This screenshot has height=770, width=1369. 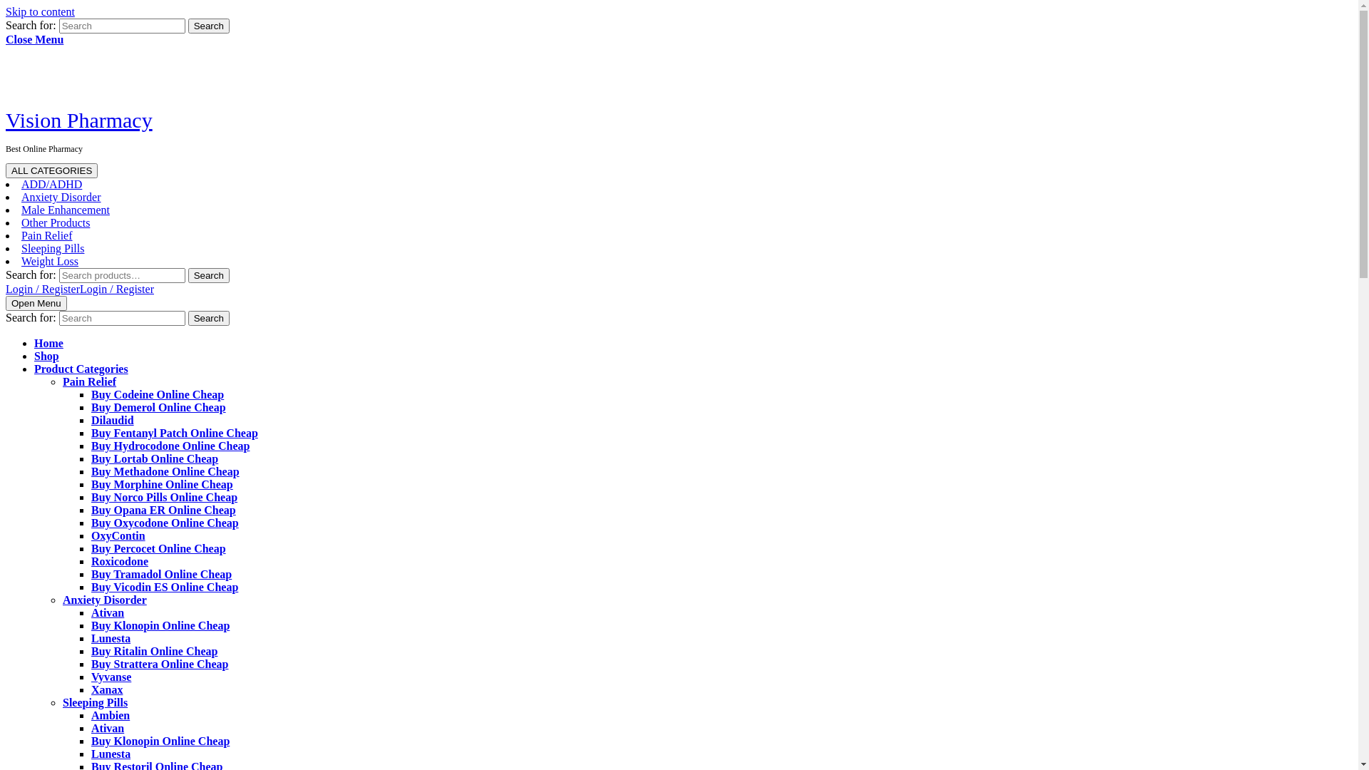 I want to click on 'Buy Oxycodone Online Cheap', so click(x=165, y=523).